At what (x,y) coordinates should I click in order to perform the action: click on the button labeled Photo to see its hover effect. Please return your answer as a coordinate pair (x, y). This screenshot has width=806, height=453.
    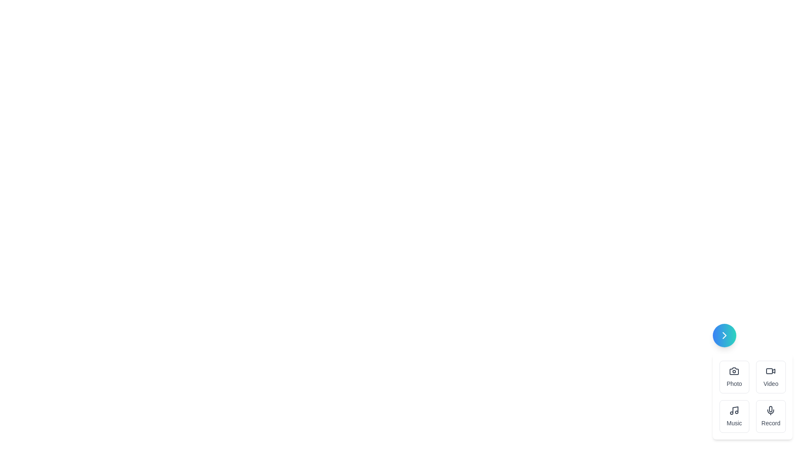
    Looking at the image, I should click on (734, 376).